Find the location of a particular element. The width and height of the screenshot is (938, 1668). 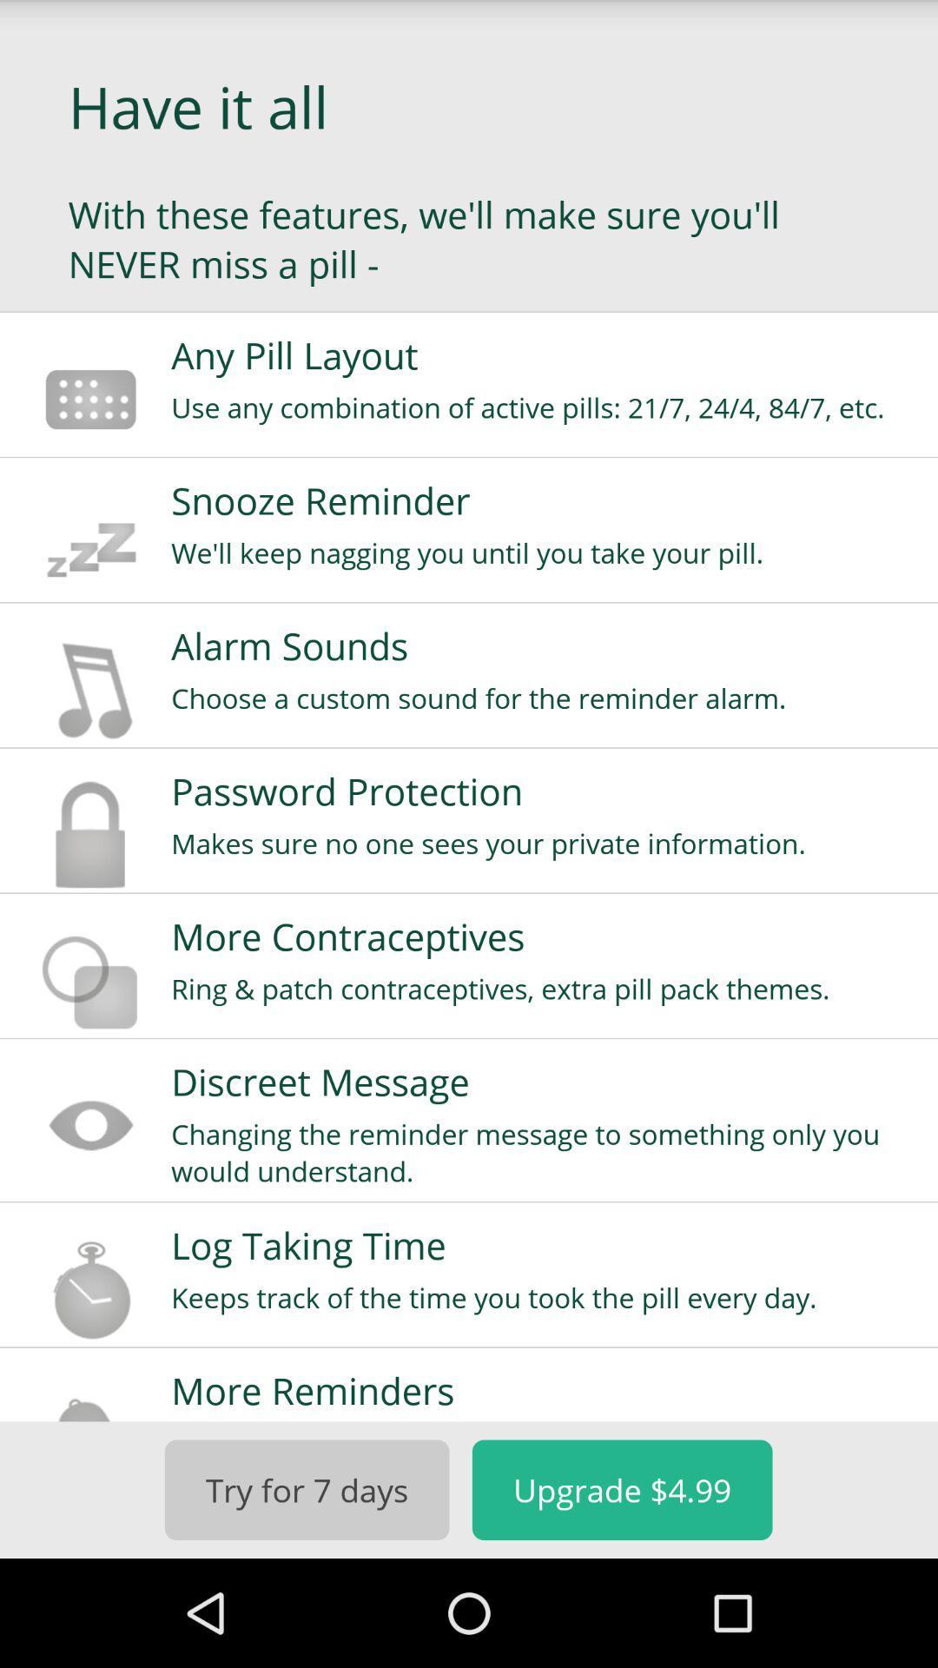

snooze reminder is located at coordinates (542, 500).